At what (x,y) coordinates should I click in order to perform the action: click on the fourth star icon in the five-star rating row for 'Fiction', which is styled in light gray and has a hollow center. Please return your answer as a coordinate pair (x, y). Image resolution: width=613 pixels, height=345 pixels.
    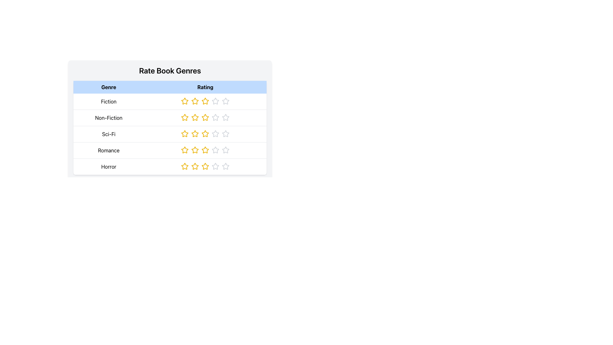
    Looking at the image, I should click on (216, 101).